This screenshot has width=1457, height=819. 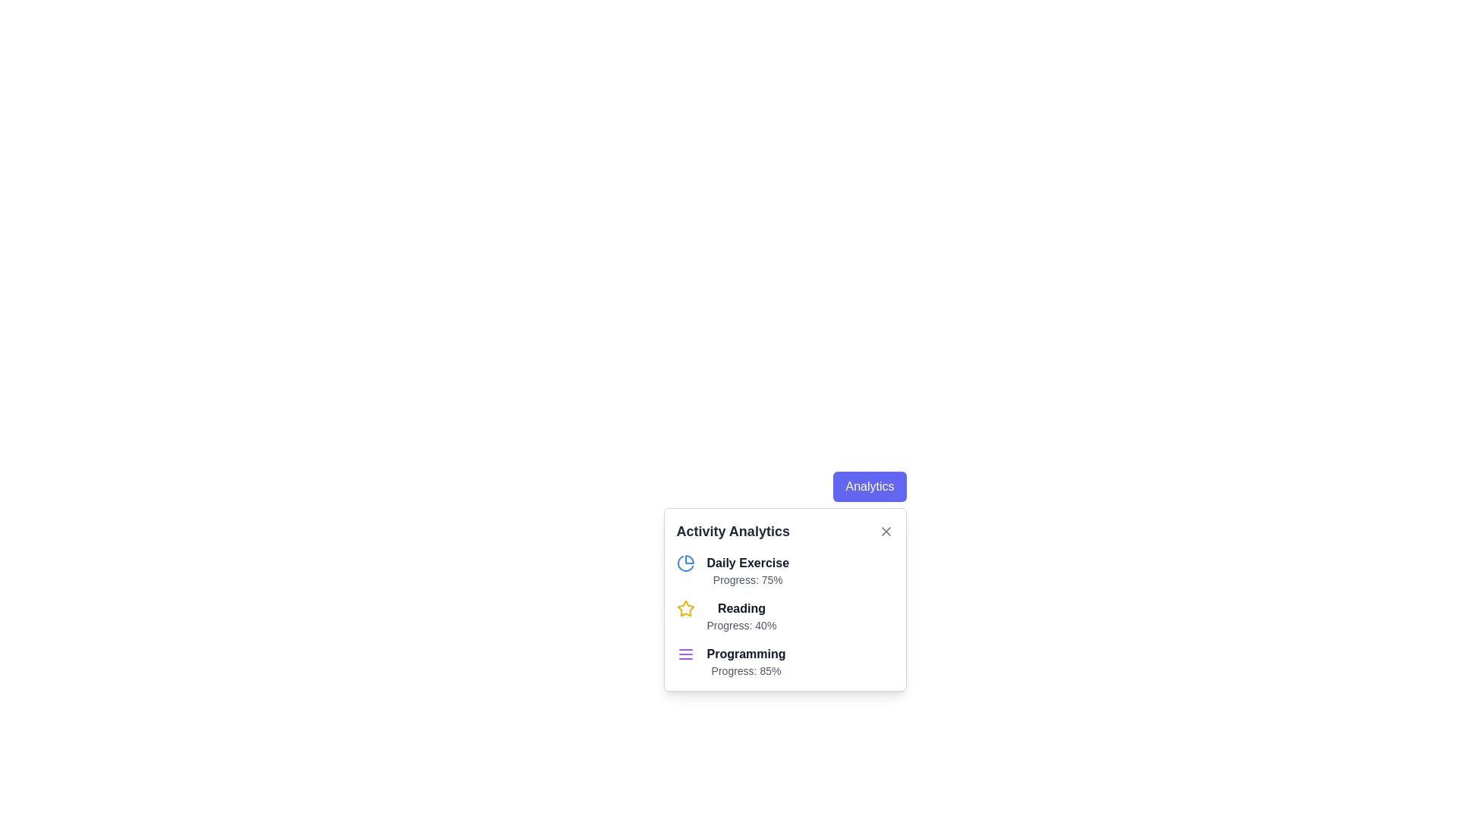 What do you see at coordinates (785, 598) in the screenshot?
I see `progress values of the composite UI element containing 'Daily Exercise,' 'Reading,' and 'Programming' progress entries, which is centrally located within a white background card styled with rounded corners` at bounding box center [785, 598].